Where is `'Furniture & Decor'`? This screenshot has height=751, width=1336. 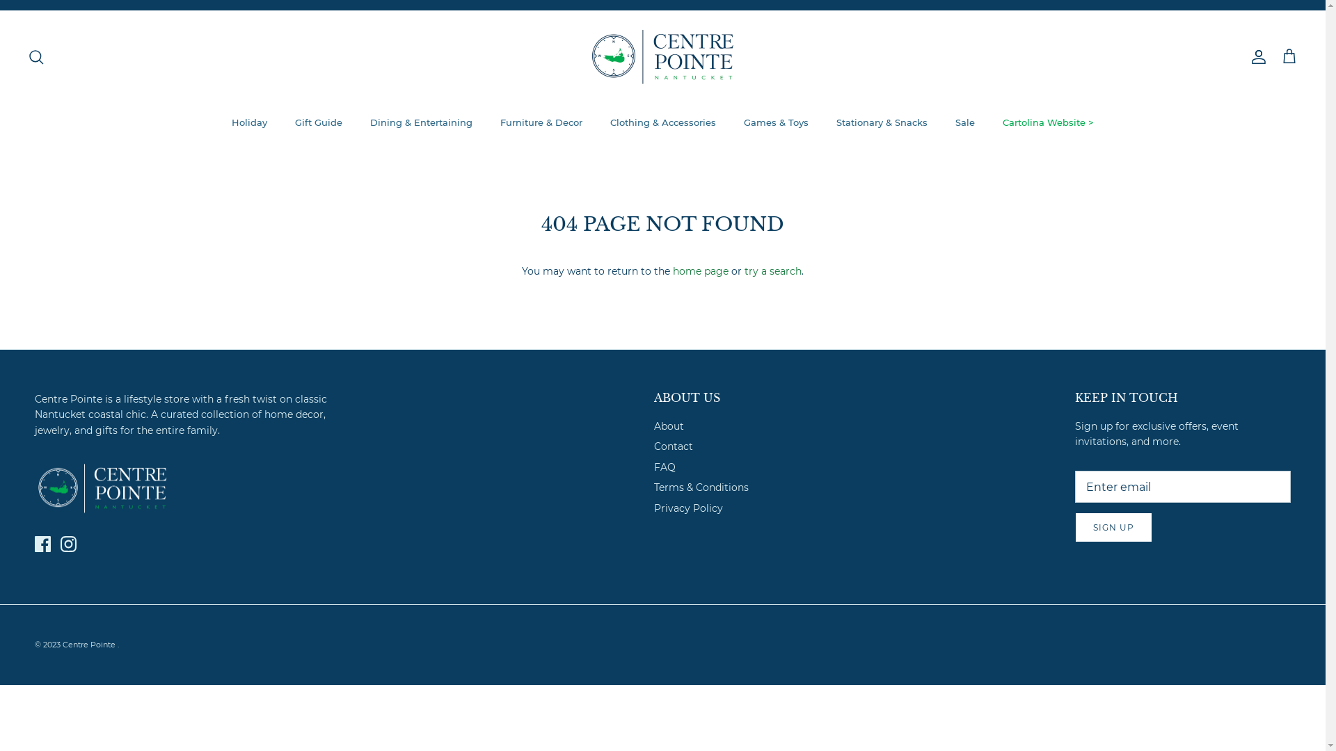 'Furniture & Decor' is located at coordinates (540, 122).